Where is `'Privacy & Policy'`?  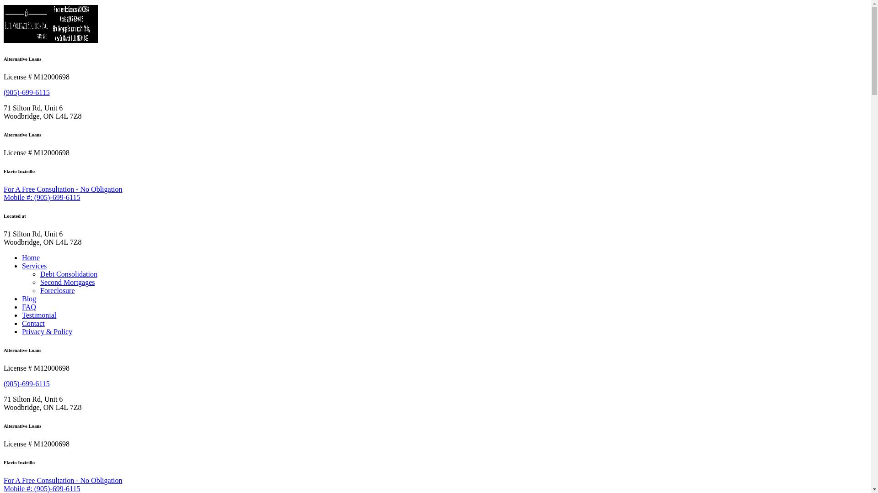
'Privacy & Policy' is located at coordinates (46, 331).